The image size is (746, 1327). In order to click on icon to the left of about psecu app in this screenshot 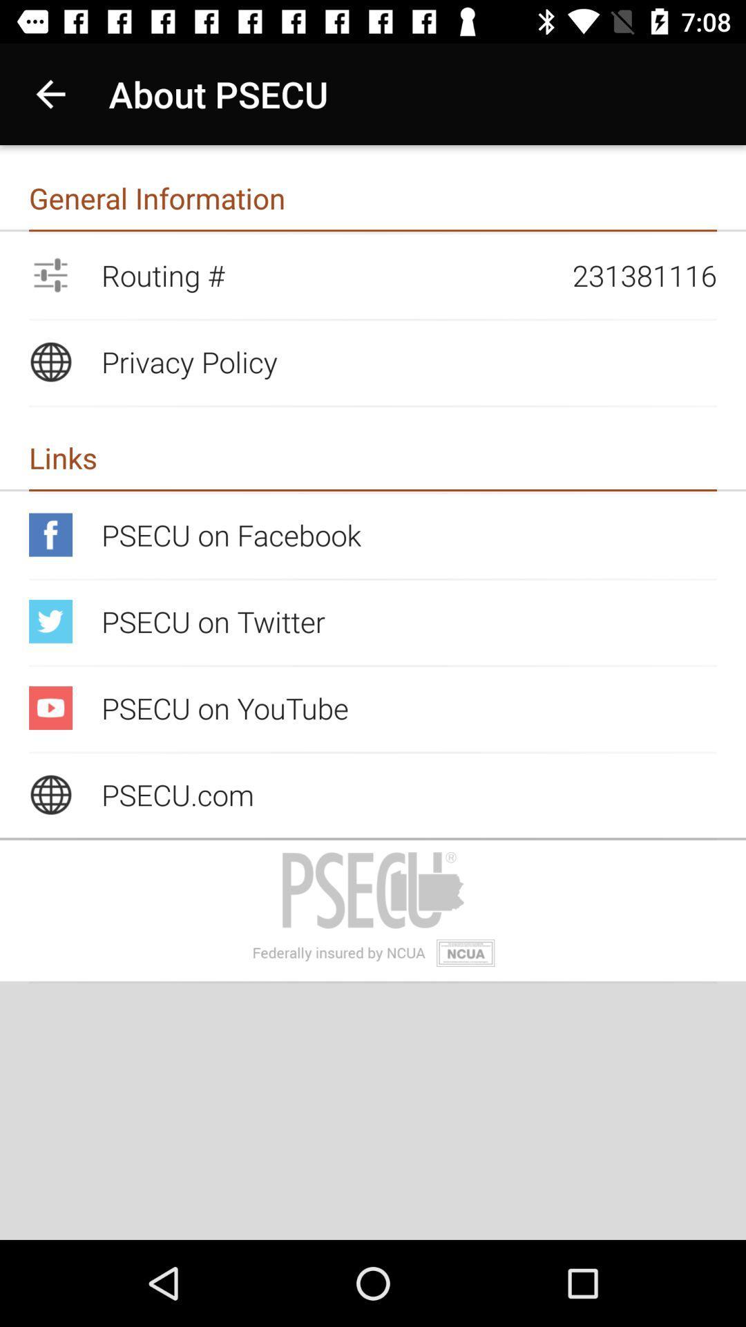, I will do `click(50, 93)`.